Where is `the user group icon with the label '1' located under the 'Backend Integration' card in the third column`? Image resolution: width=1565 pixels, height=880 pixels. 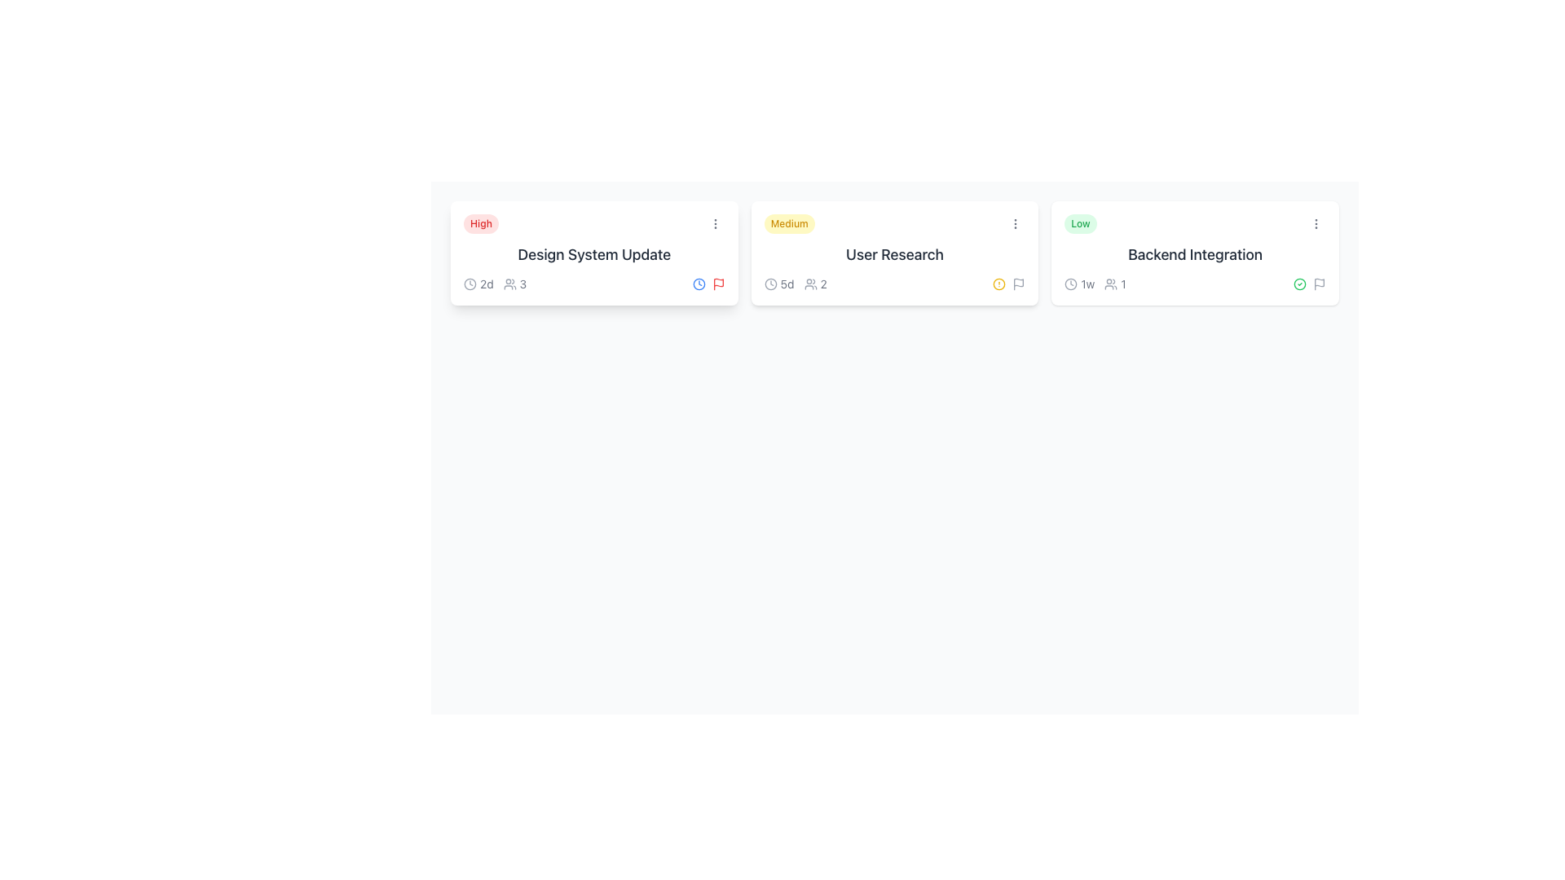
the user group icon with the label '1' located under the 'Backend Integration' card in the third column is located at coordinates (1114, 283).